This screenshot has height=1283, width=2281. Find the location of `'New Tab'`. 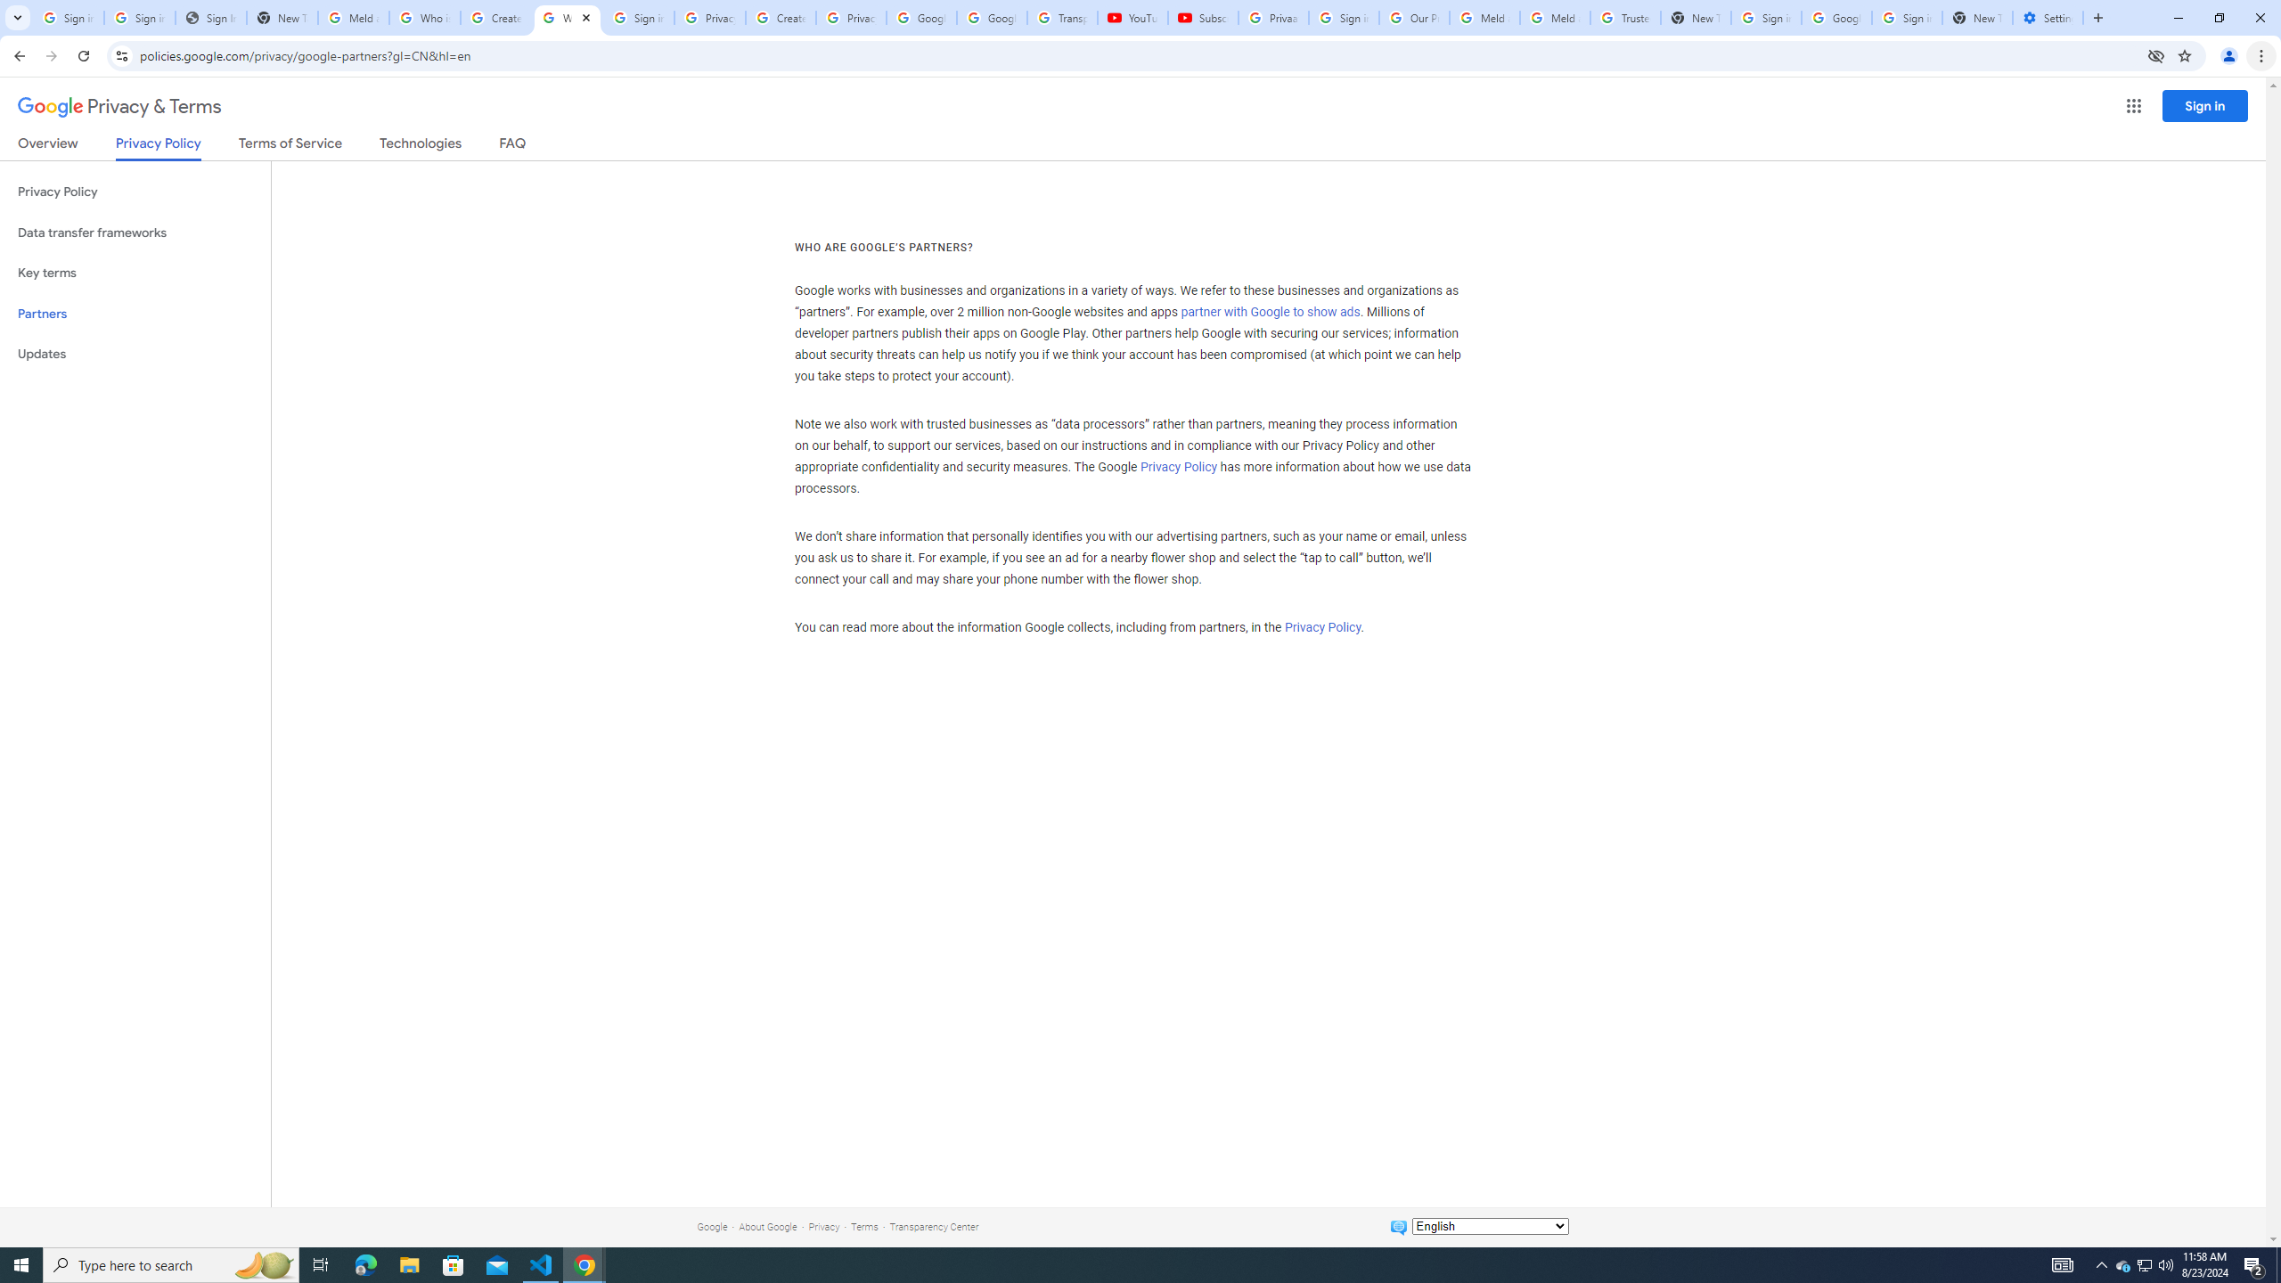

'New Tab' is located at coordinates (1976, 17).